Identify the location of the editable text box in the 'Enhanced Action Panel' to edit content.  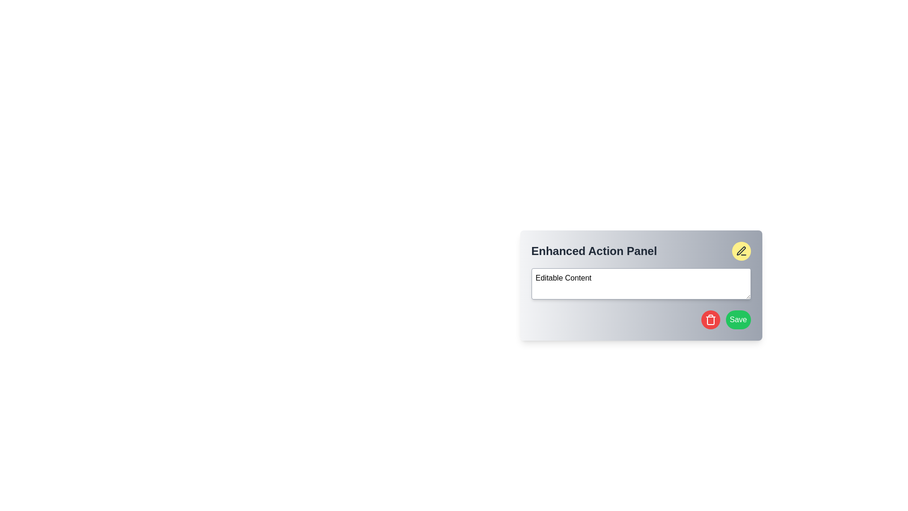
(641, 285).